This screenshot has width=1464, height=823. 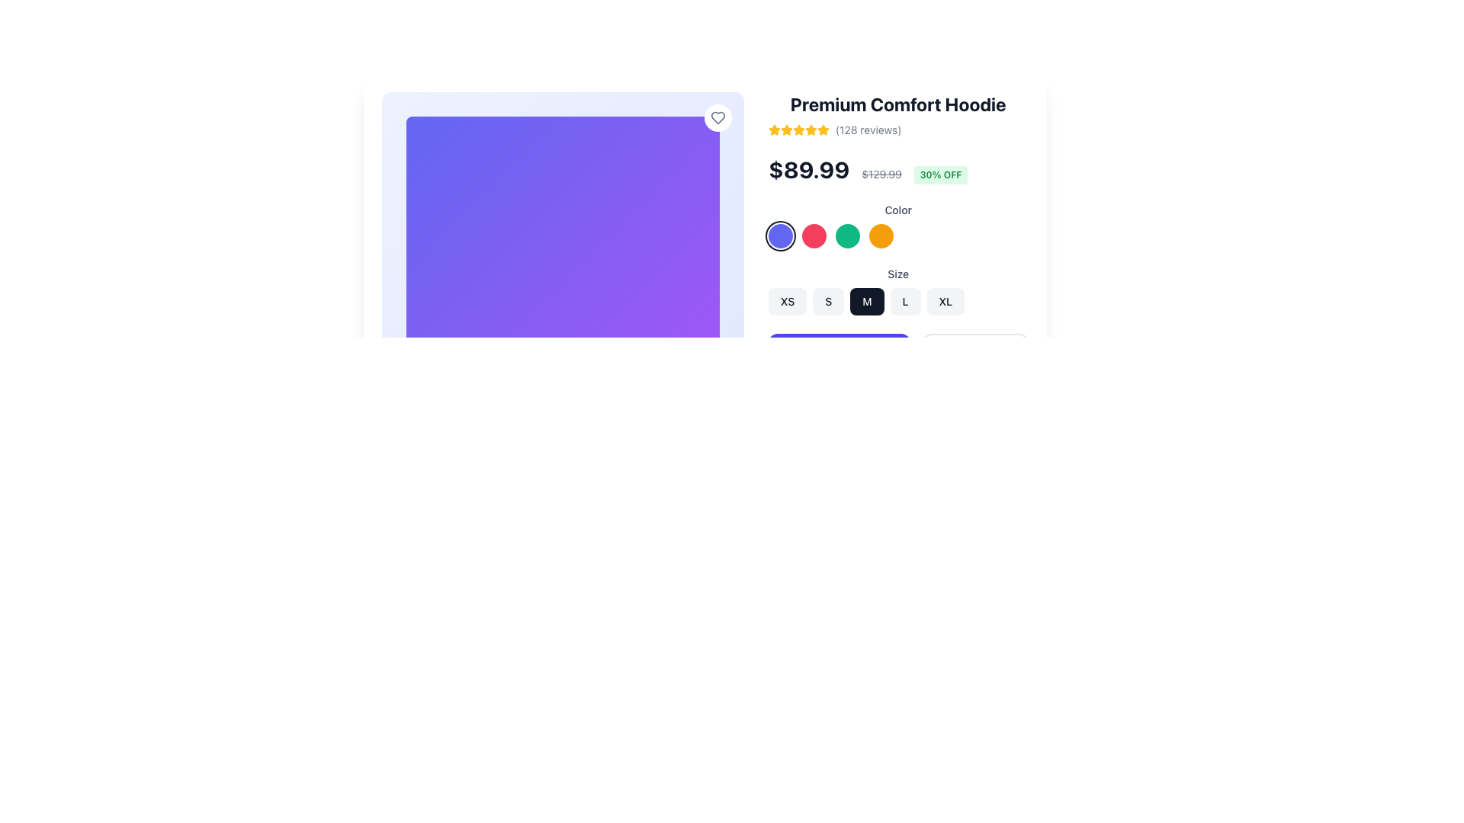 What do you see at coordinates (867, 302) in the screenshot?
I see `the medium-sized rectangular button with rounded corners, labeled 'M'` at bounding box center [867, 302].